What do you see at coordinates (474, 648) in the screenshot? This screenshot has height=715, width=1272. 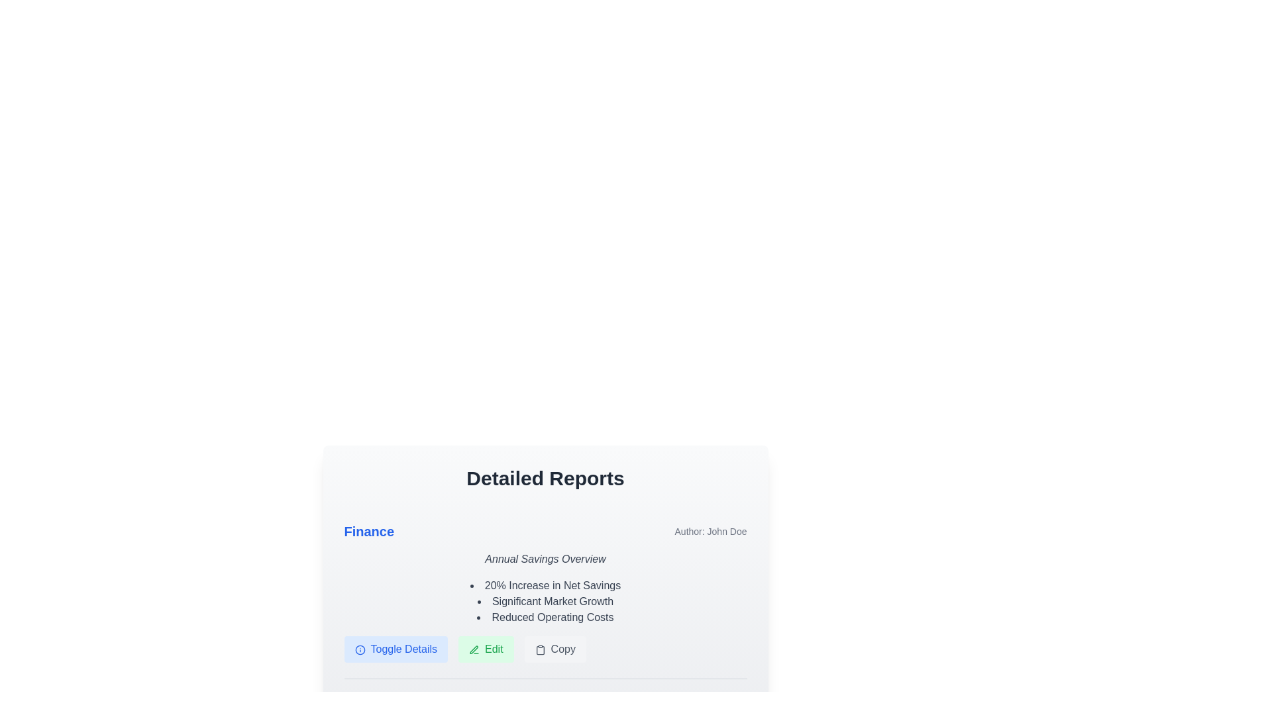 I see `the edit icon located within the green button next to the 'Edit' text` at bounding box center [474, 648].